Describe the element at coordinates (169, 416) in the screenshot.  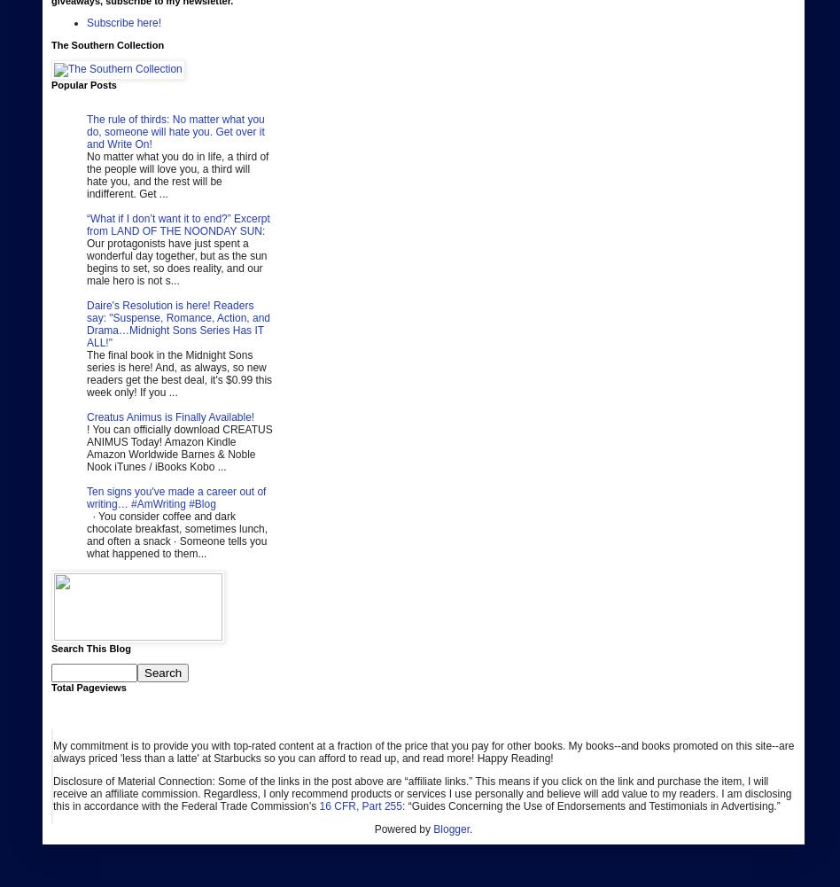
I see `'Creatus Animus is Finally Available!'` at that location.